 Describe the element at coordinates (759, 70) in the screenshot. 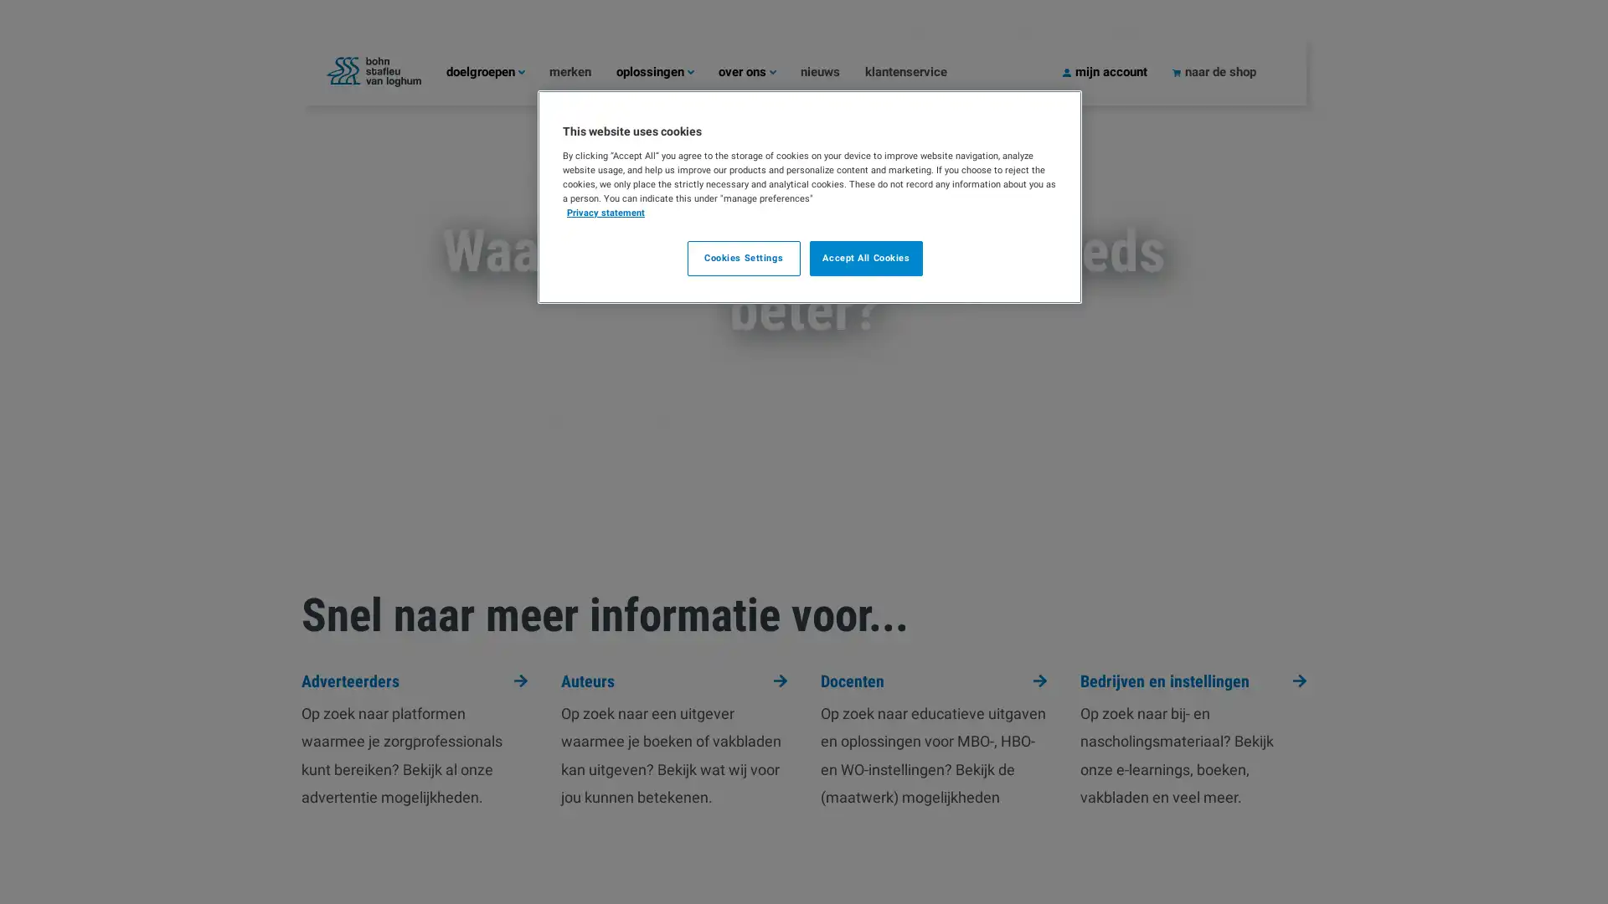

I see `over ons` at that location.